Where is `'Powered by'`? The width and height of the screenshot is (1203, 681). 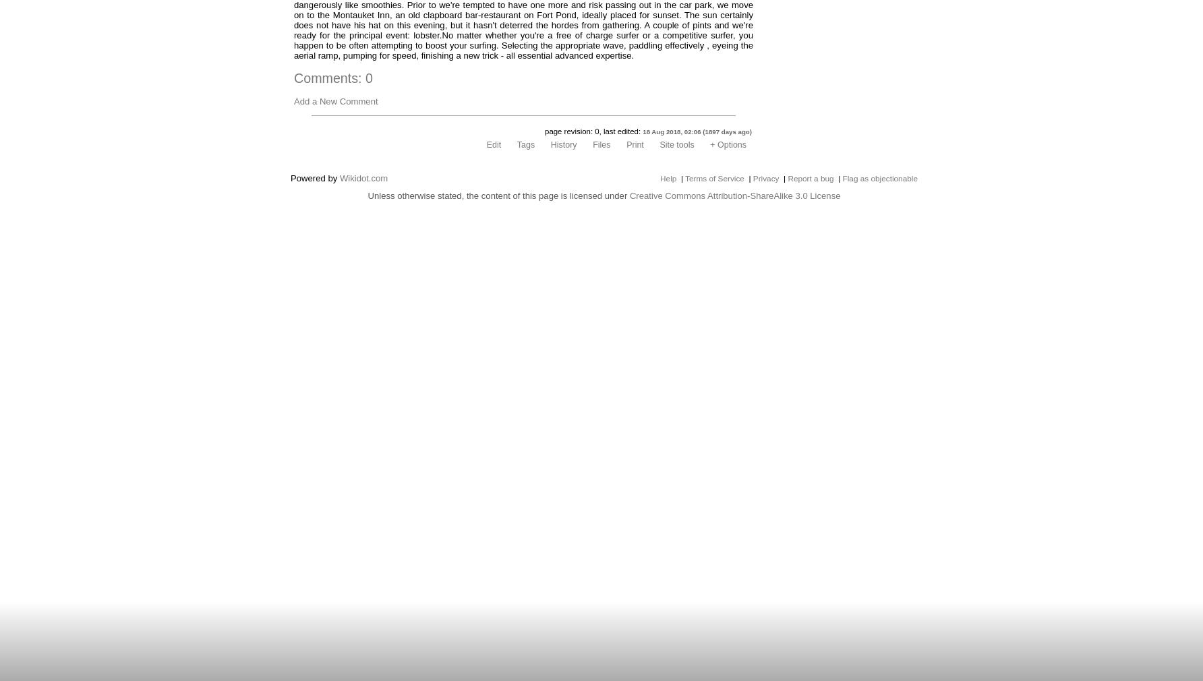
'Powered by' is located at coordinates (315, 178).